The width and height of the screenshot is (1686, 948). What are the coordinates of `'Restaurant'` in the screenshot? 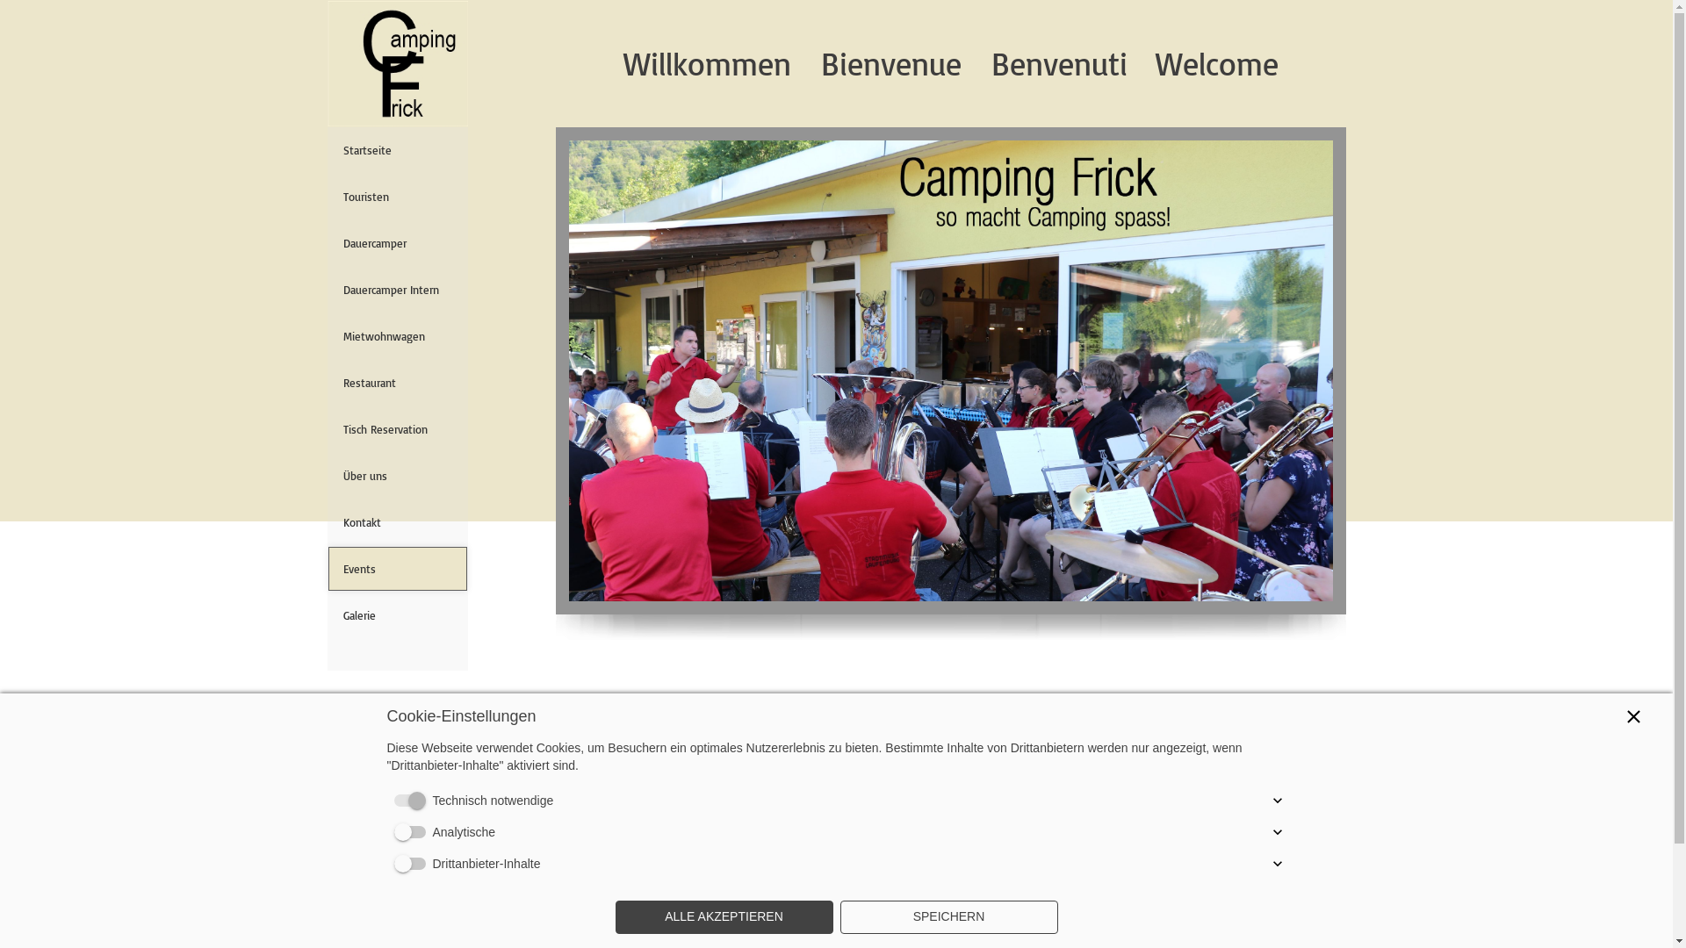 It's located at (395, 381).